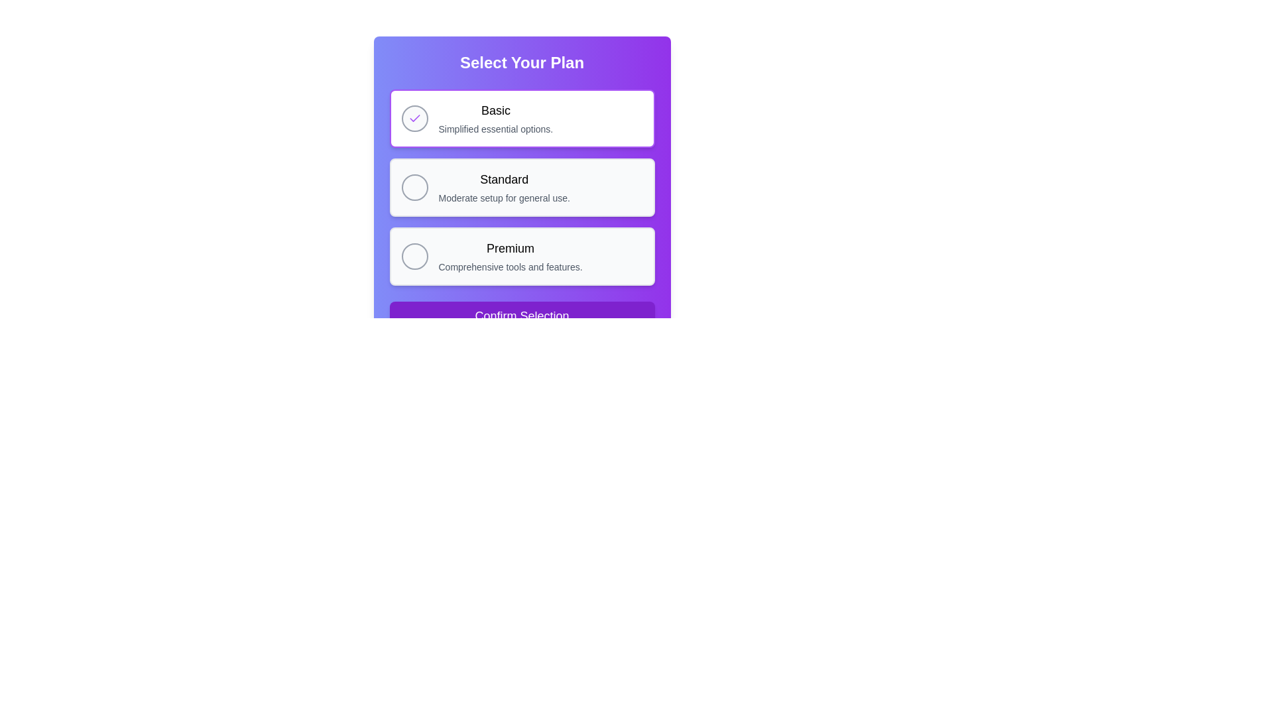 This screenshot has height=716, width=1273. What do you see at coordinates (495, 109) in the screenshot?
I see `the 'Basic' text label, which is styled in a medium font and is the first option in a vertically stacked list of three options labeled 'Basic,' 'Standard,' and 'Premium.' It is located slightly to the right of the circle indicator for the first option` at bounding box center [495, 109].